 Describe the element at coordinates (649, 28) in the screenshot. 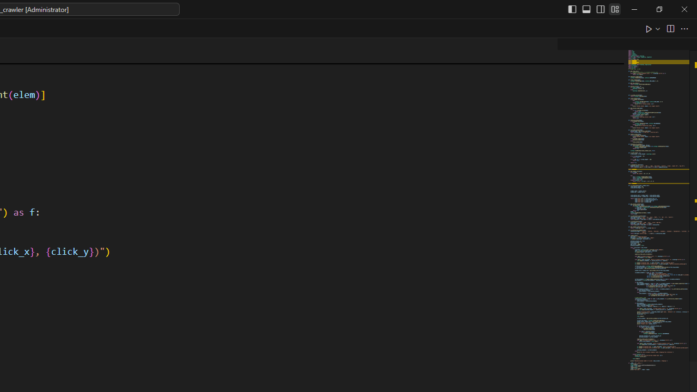

I see `'Run Python File'` at that location.